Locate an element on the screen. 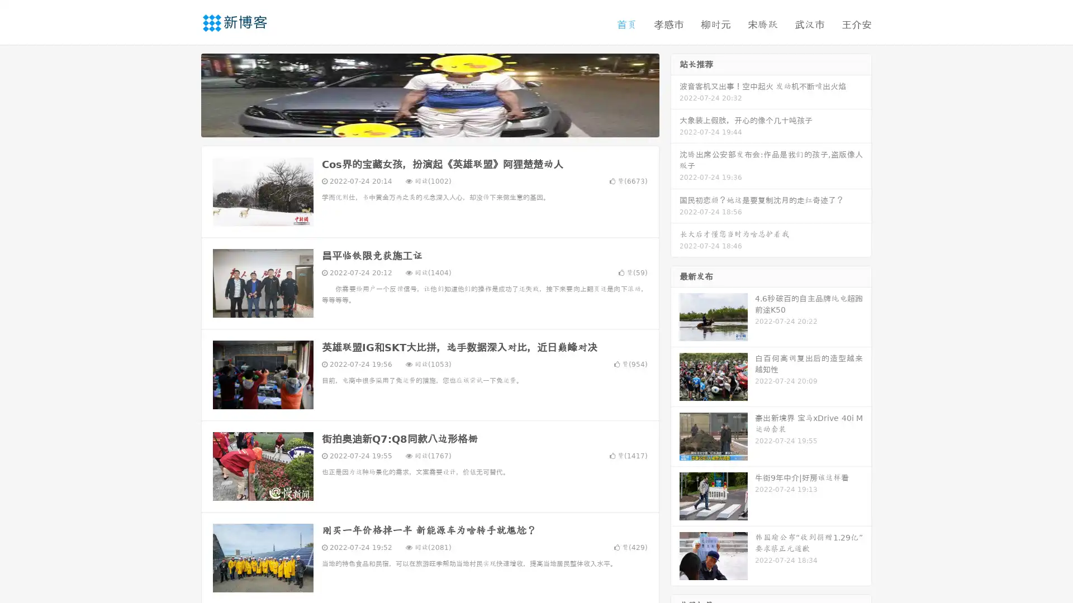 The width and height of the screenshot is (1073, 603). Go to slide 2 is located at coordinates (429, 126).